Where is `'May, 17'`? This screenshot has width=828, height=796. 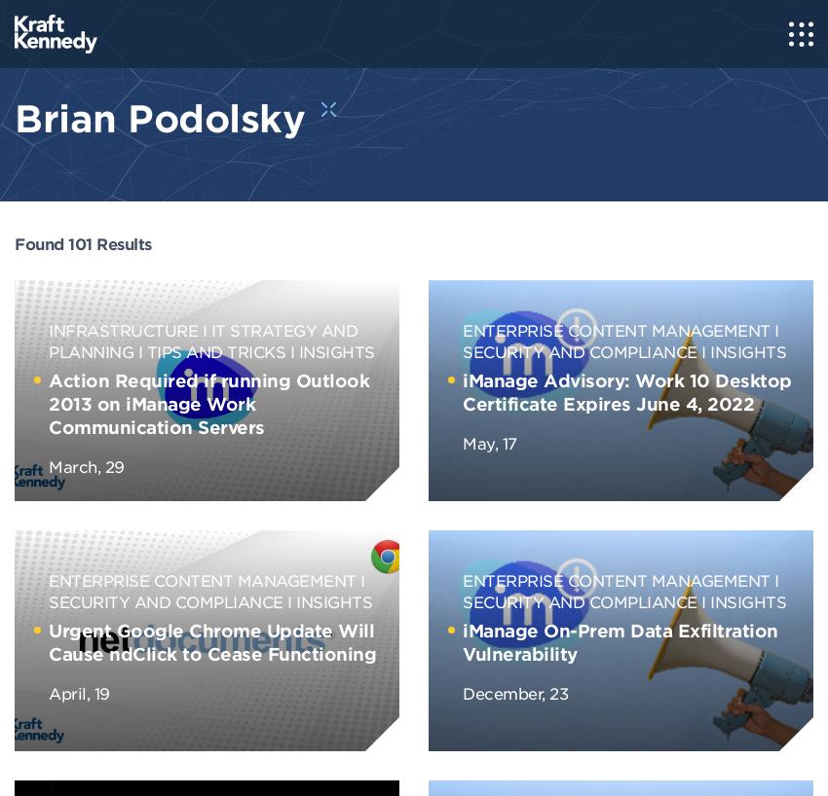
'May, 17' is located at coordinates (489, 441).